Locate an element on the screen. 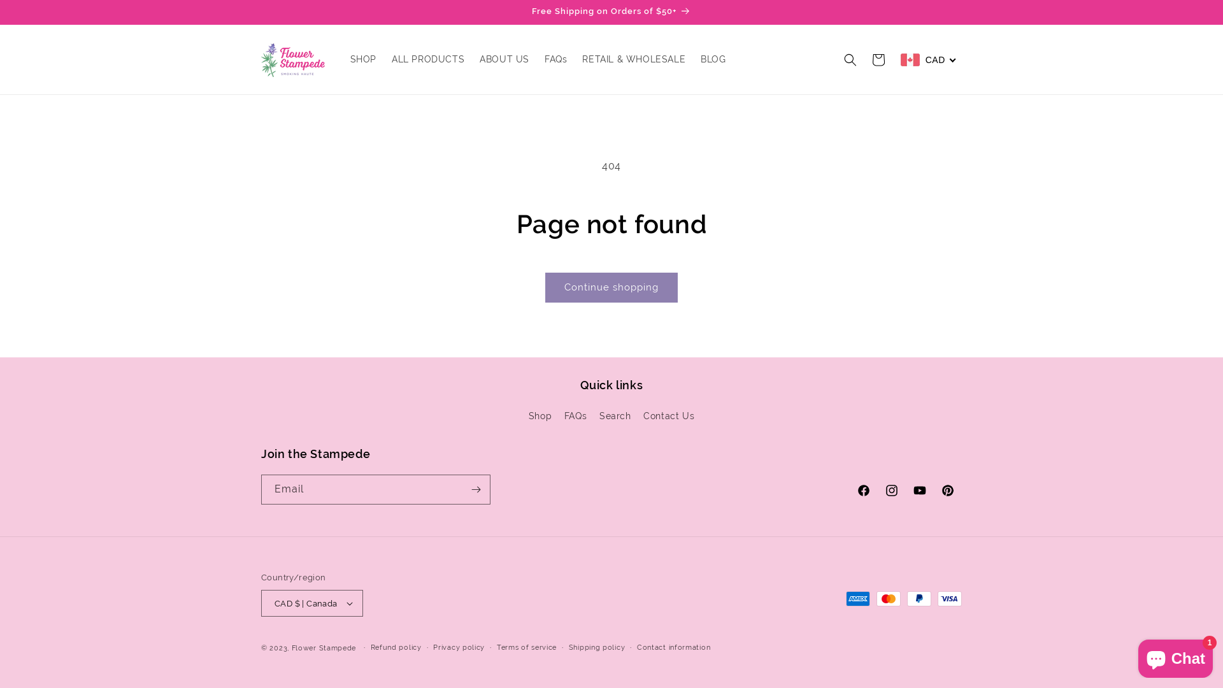 This screenshot has width=1223, height=688. 'CAD $ | Canada' is located at coordinates (311, 603).